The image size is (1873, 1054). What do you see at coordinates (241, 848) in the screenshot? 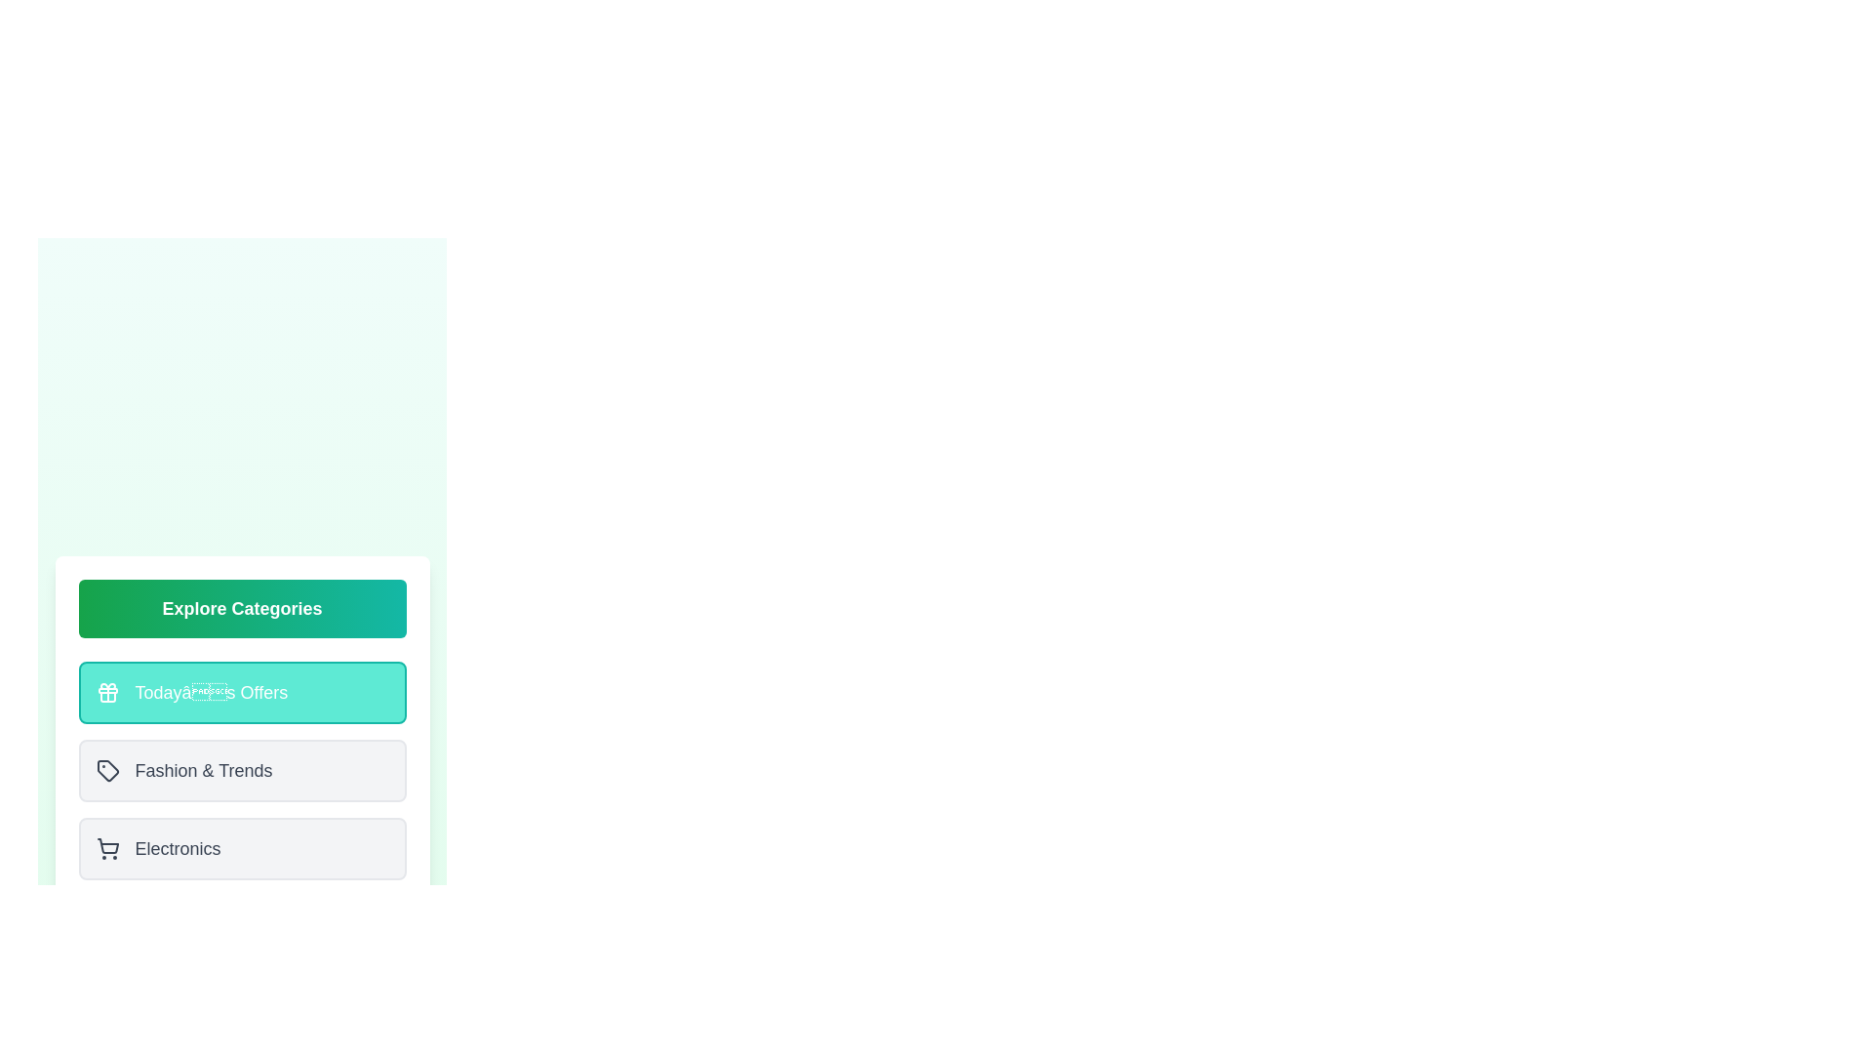
I see `the tile corresponding to the category Electronics to select it` at bounding box center [241, 848].